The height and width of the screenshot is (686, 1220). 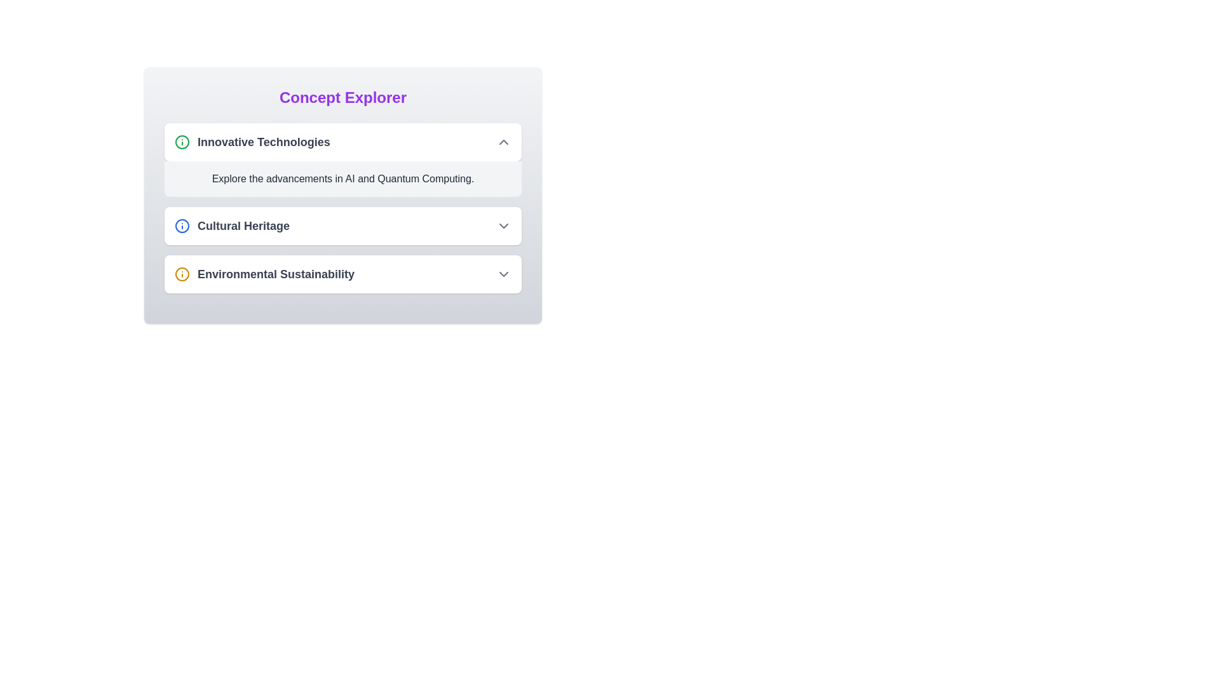 I want to click on the circular blue information icon with an 'i' symbol, positioned to the left of the 'Cultural Heritage' text label, which is the second item in a list, so click(x=182, y=225).